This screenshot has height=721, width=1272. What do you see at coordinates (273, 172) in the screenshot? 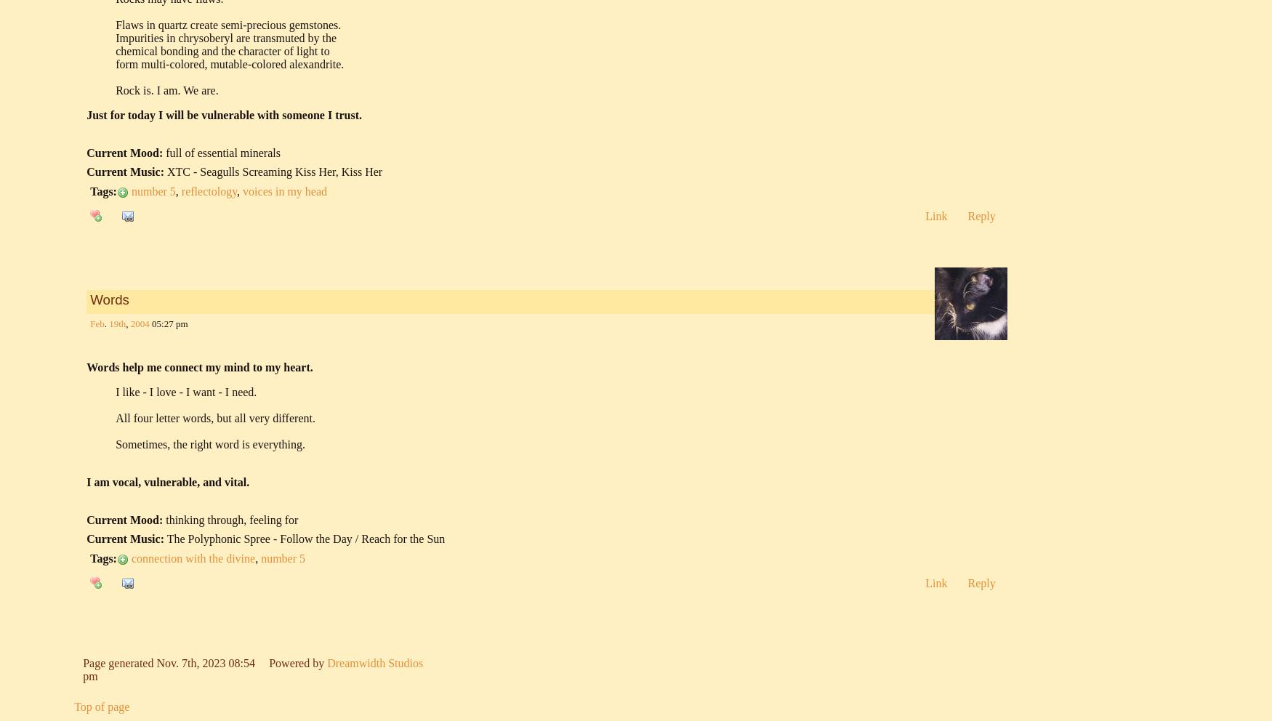
I see `'XTC - Seagulls Screaming Kiss Her, Kiss Her'` at bounding box center [273, 172].